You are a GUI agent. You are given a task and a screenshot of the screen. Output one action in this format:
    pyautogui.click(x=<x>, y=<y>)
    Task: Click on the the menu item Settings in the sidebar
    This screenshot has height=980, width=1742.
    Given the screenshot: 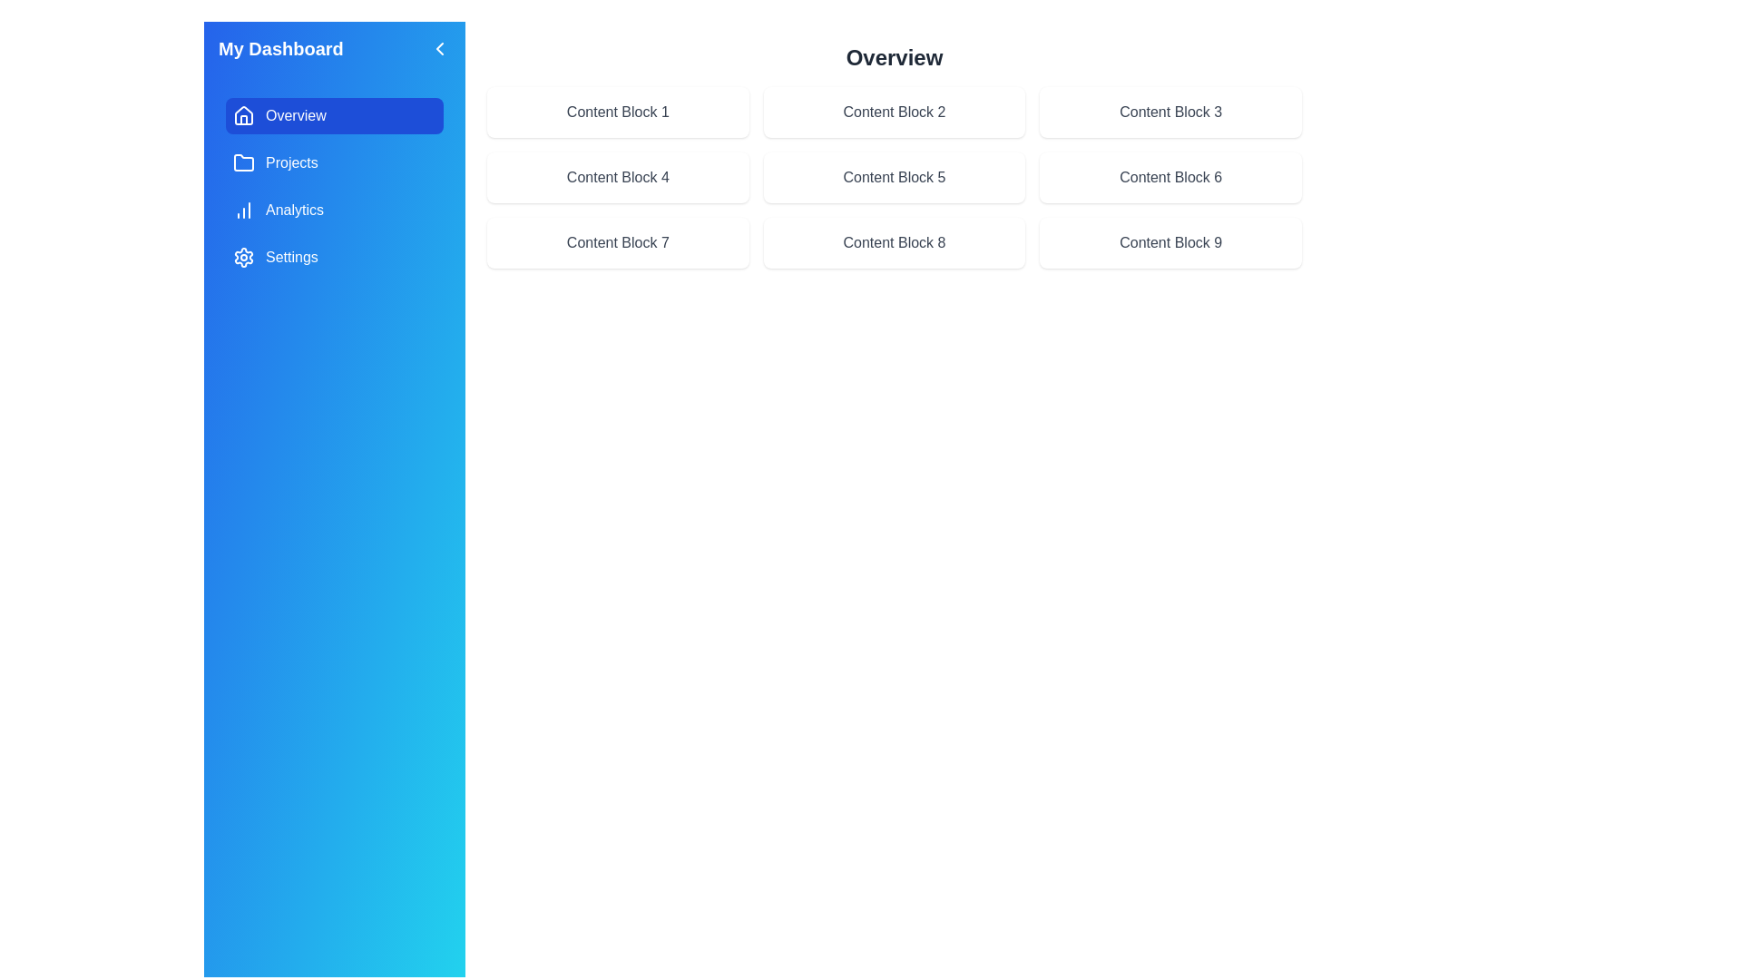 What is the action you would take?
    pyautogui.click(x=335, y=258)
    